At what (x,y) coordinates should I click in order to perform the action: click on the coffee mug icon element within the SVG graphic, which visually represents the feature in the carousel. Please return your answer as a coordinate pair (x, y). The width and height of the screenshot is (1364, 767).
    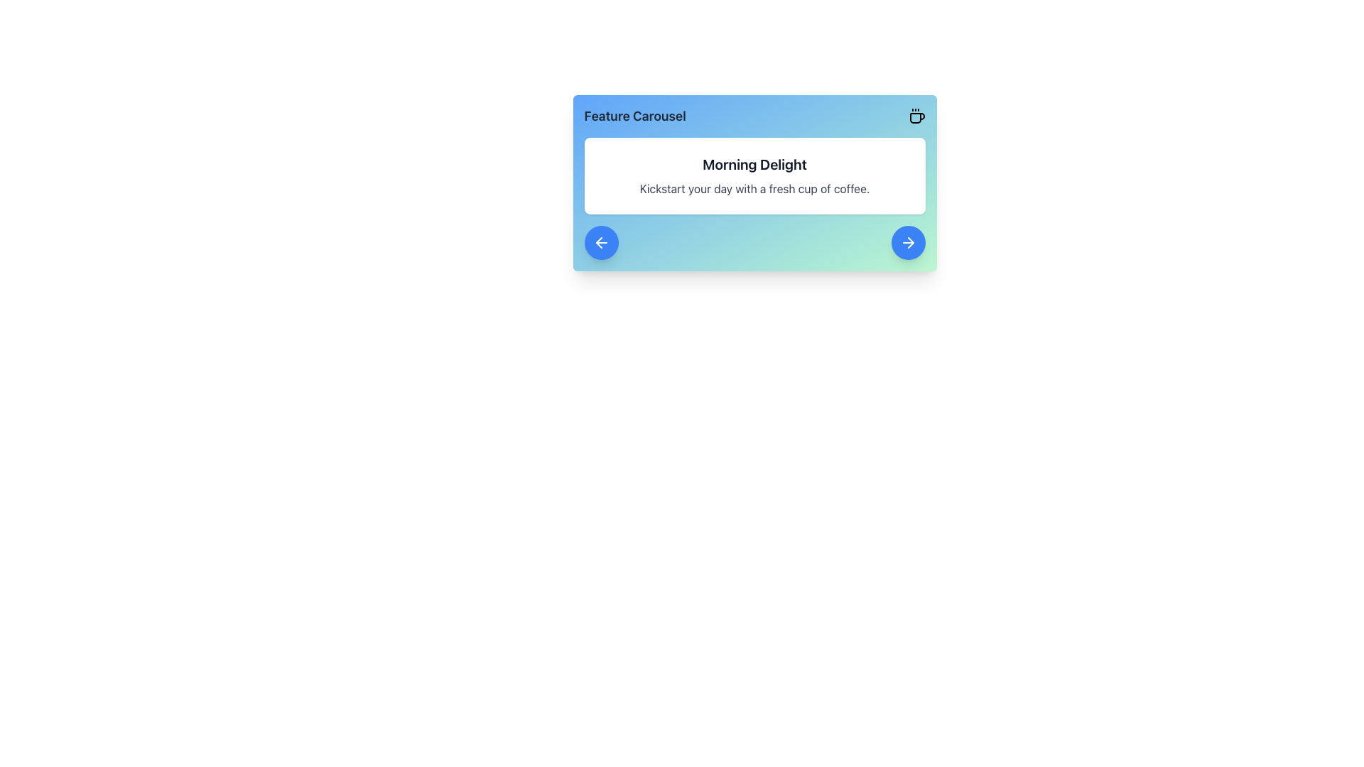
    Looking at the image, I should click on (917, 117).